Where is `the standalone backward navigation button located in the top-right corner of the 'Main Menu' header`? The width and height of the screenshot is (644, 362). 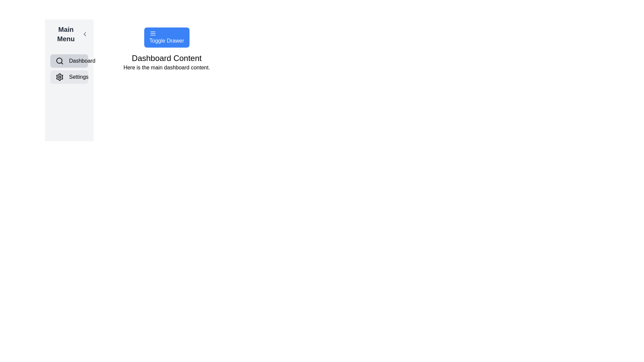 the standalone backward navigation button located in the top-right corner of the 'Main Menu' header is located at coordinates (85, 34).